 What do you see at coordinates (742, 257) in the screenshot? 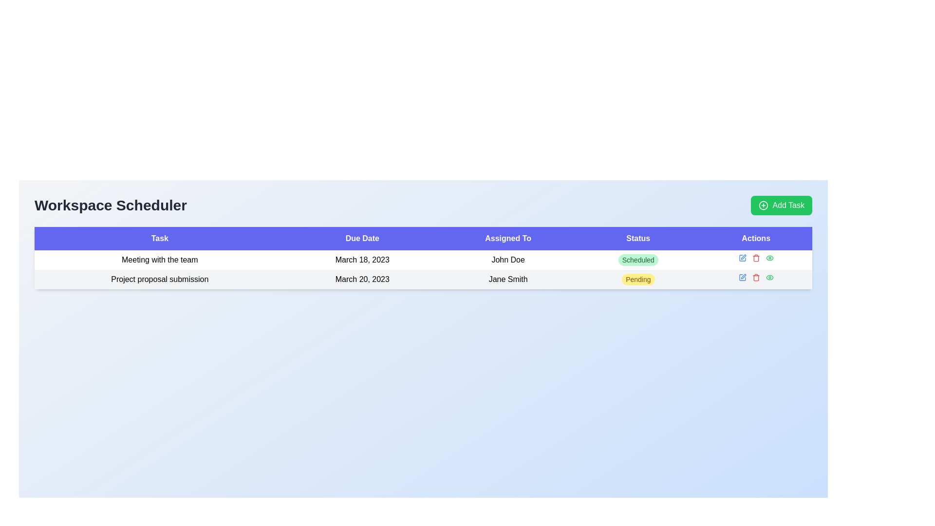
I see `the edit button icon located in the 'Actions' column of the second row of the table, which is represented as a part of an SVG graphic resembling a pen` at bounding box center [742, 257].